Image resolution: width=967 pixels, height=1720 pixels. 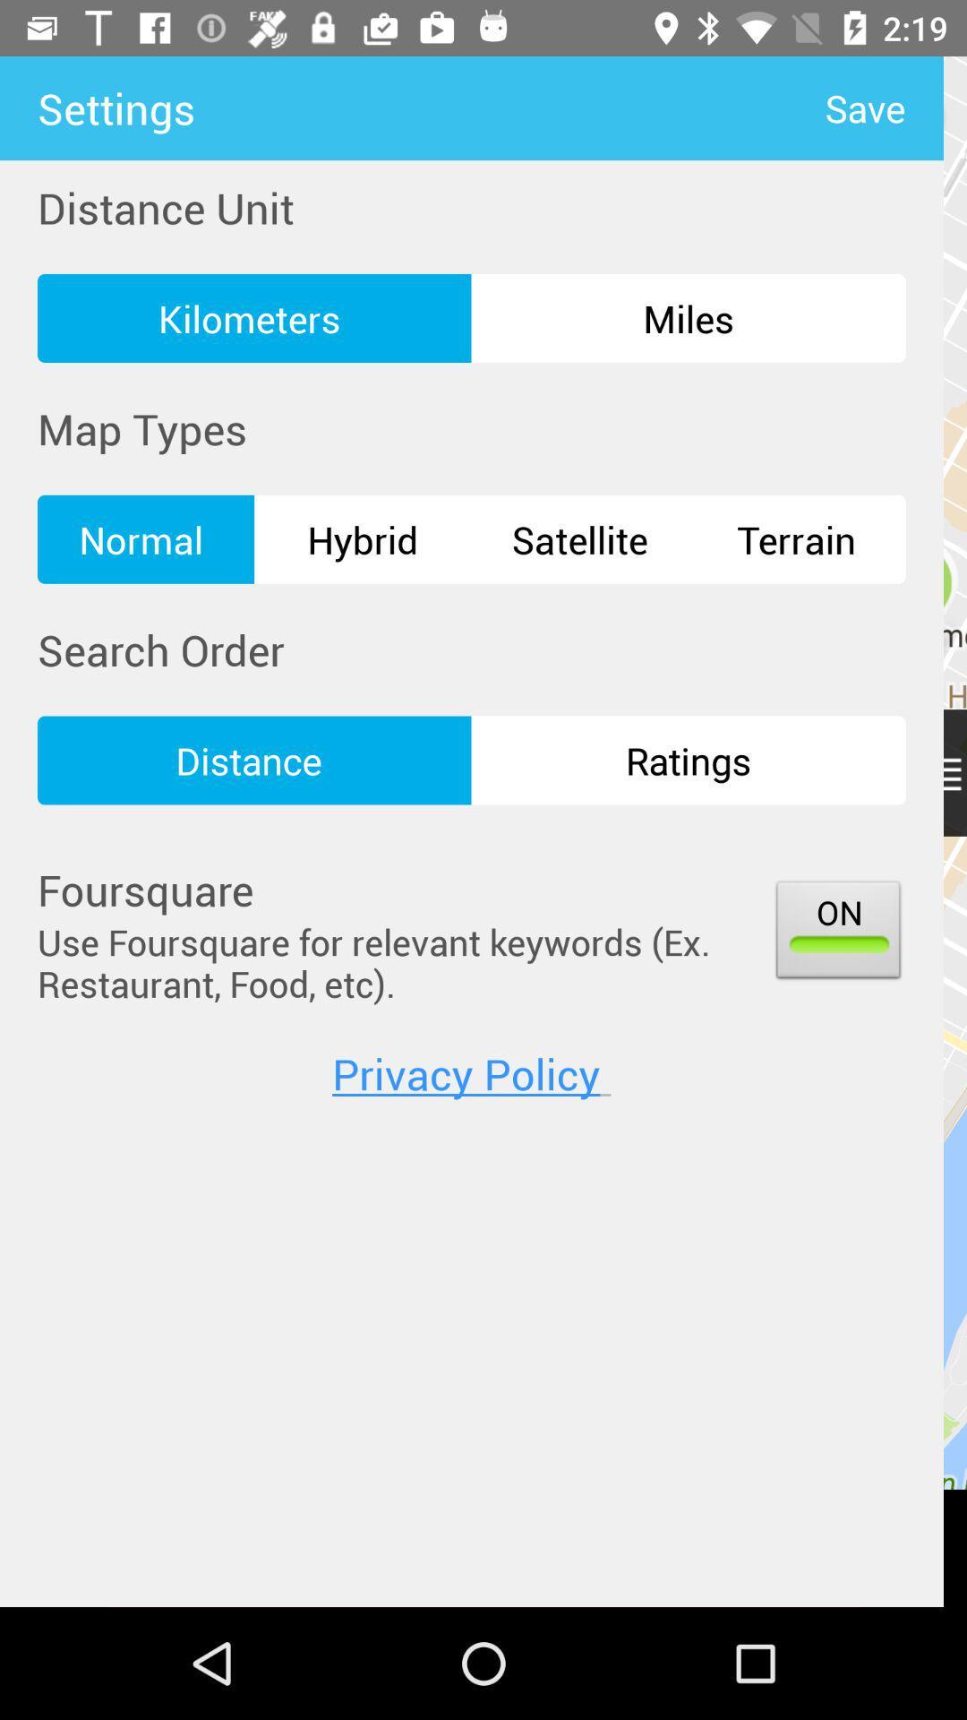 I want to click on icon next to hybrid item, so click(x=145, y=538).